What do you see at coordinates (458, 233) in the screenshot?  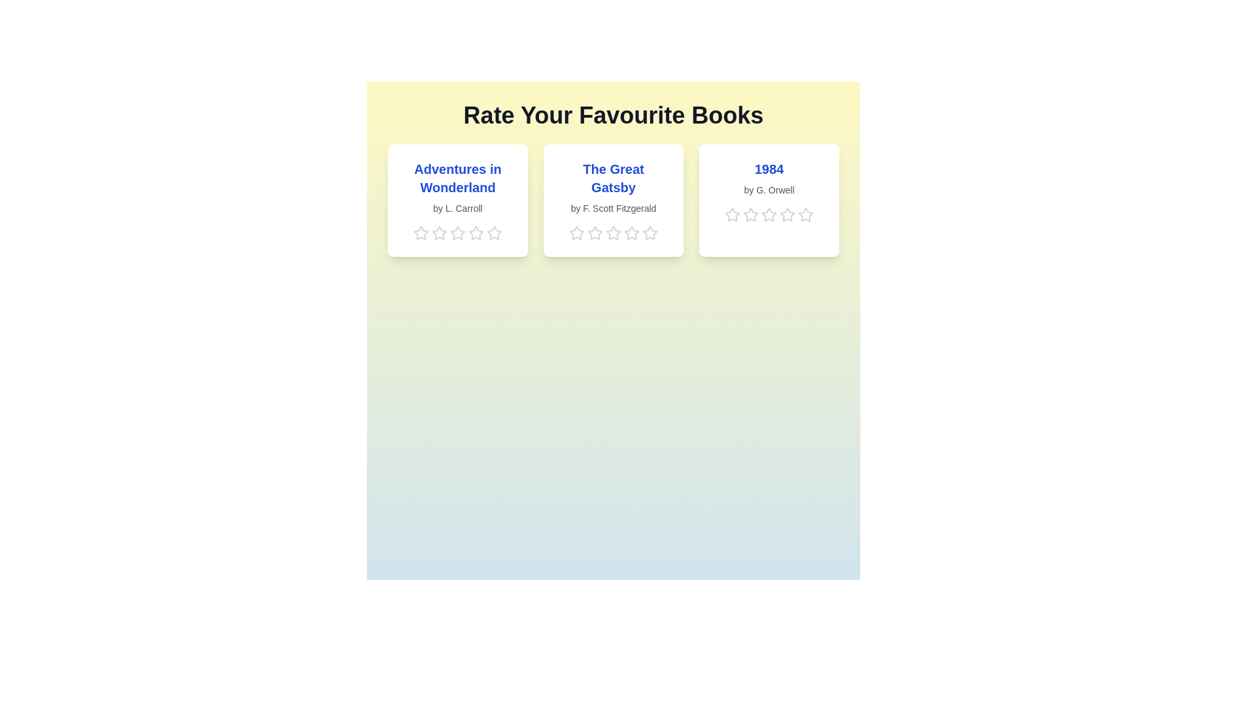 I see `the 3 star for the book titled 'Adventures in Wonderland'` at bounding box center [458, 233].